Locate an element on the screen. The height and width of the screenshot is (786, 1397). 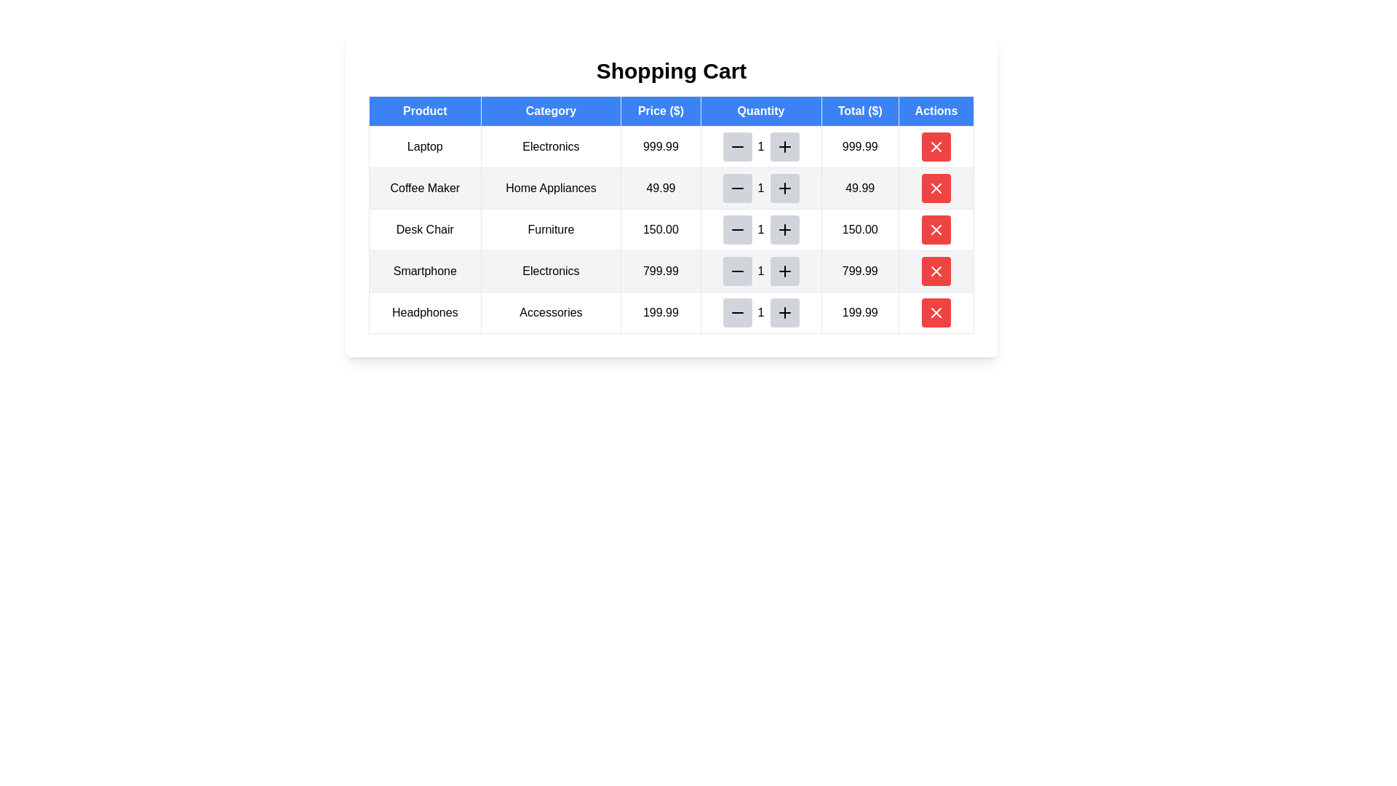
the delete button for the item 'Smartphone' located in the fourth row of the table under the 'Actions' column is located at coordinates (936, 271).